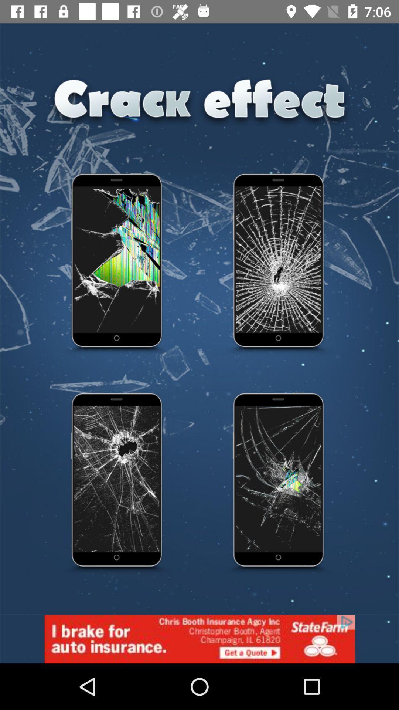 Image resolution: width=399 pixels, height=710 pixels. Describe the element at coordinates (117, 264) in the screenshot. I see `choose effect` at that location.